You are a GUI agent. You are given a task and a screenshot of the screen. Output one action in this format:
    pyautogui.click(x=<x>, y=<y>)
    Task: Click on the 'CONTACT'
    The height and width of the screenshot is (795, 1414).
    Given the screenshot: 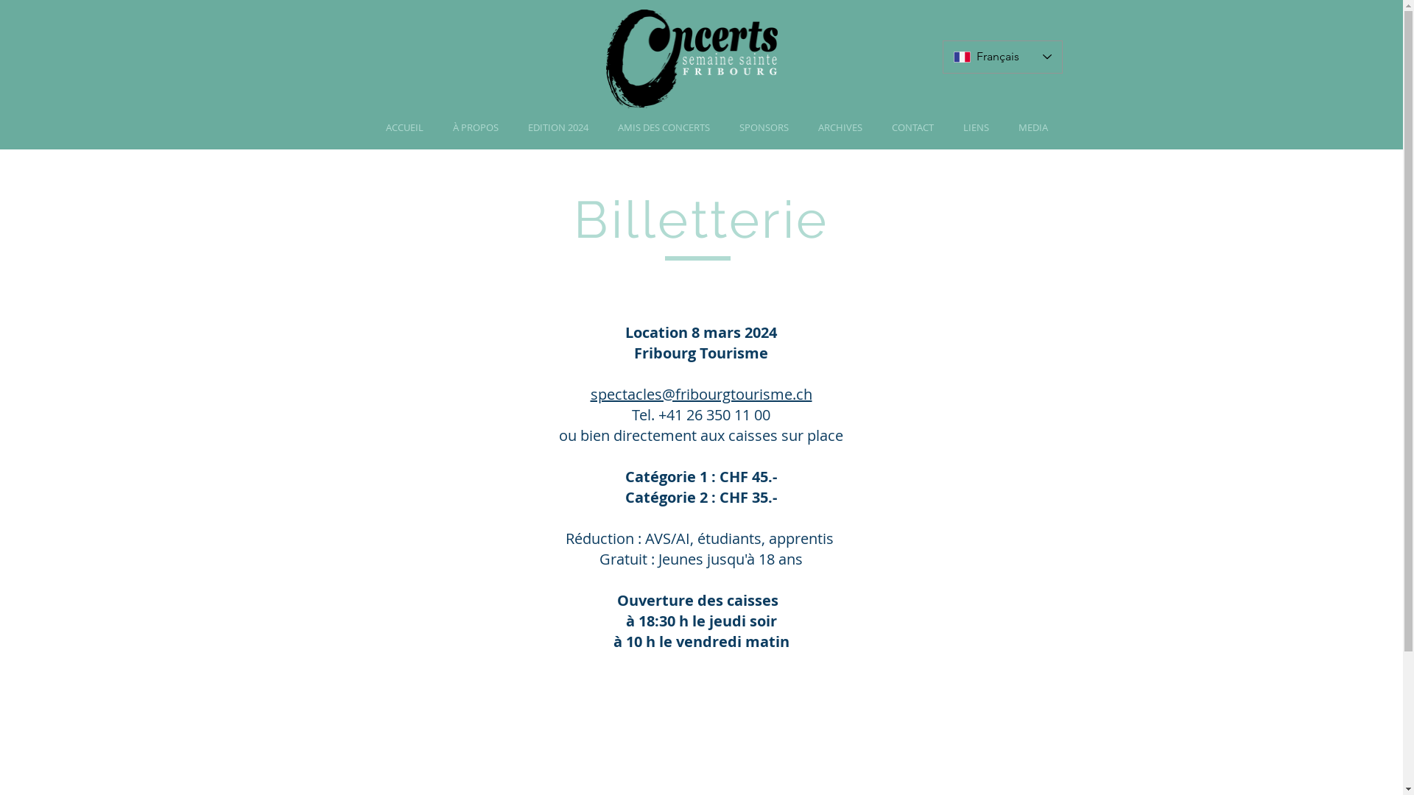 What is the action you would take?
    pyautogui.click(x=876, y=127)
    